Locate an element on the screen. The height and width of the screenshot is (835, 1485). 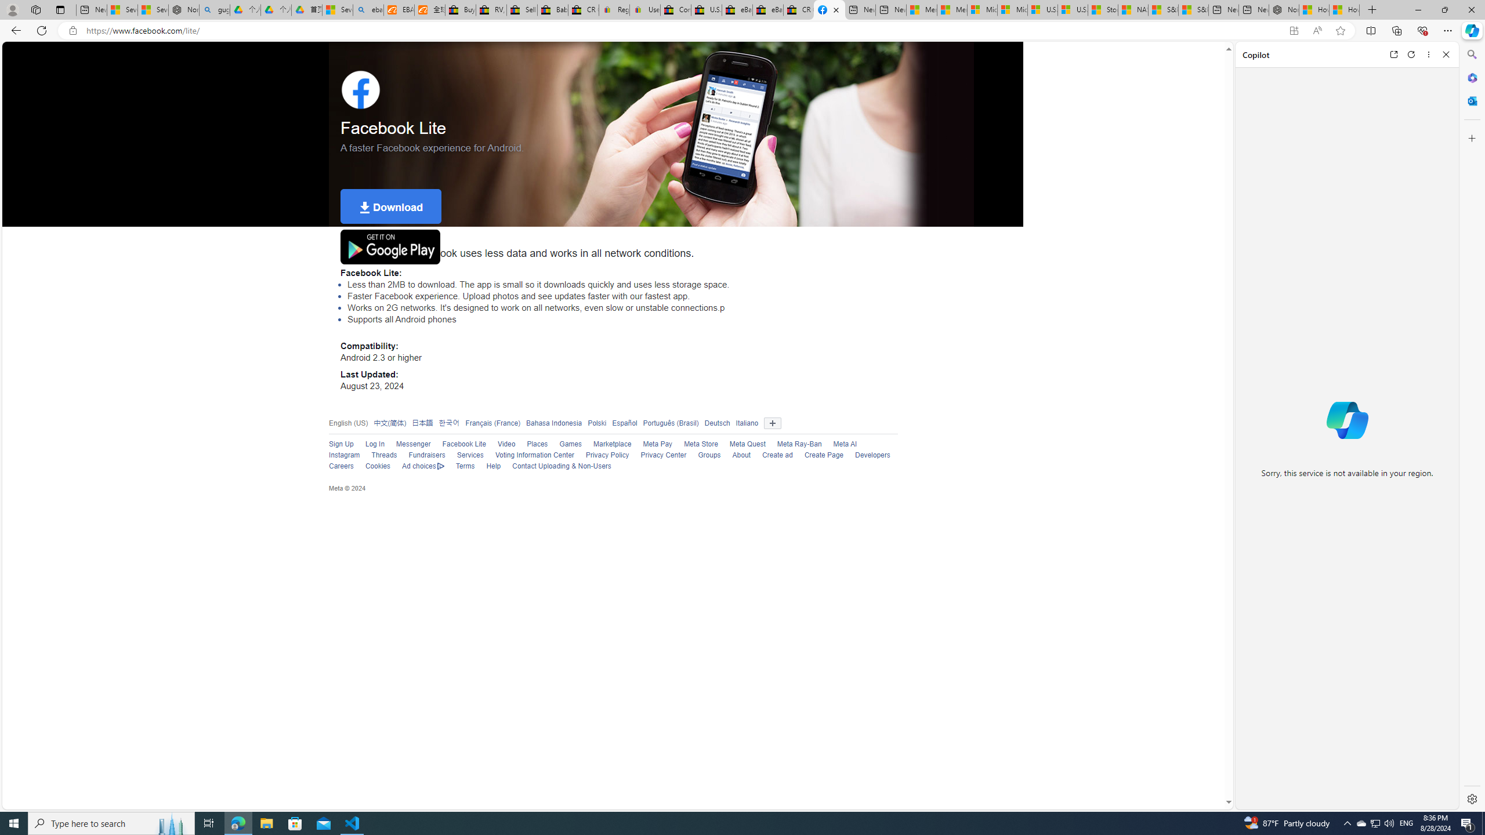
'RV, Trailer & Camper Steps & Ladders for sale | eBay' is located at coordinates (491, 9).